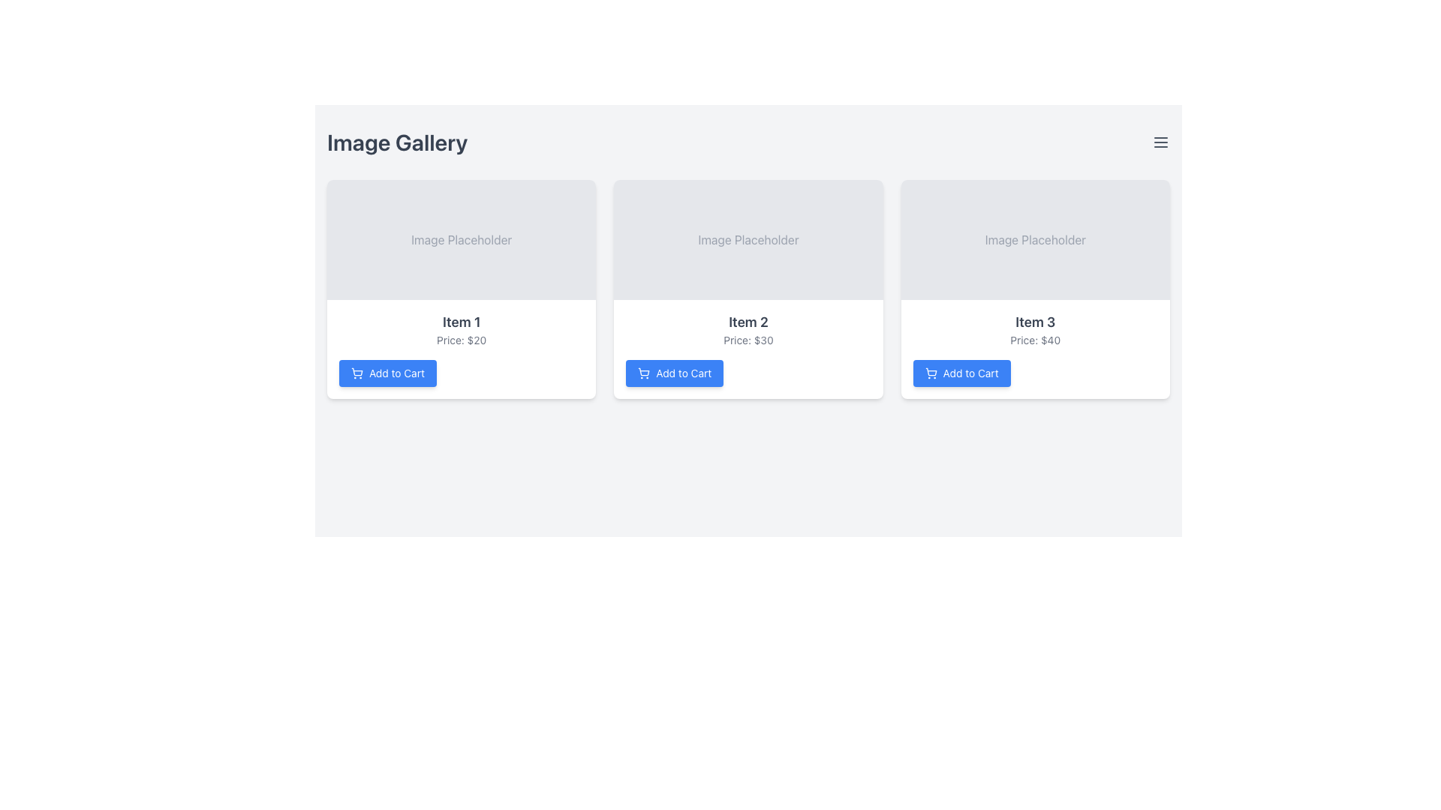 The height and width of the screenshot is (810, 1441). What do you see at coordinates (356, 372) in the screenshot?
I see `the shopping cart icon located inside the blue 'Add to Cart' button at the bottom of Item 1's card in the first column of the grid layout` at bounding box center [356, 372].